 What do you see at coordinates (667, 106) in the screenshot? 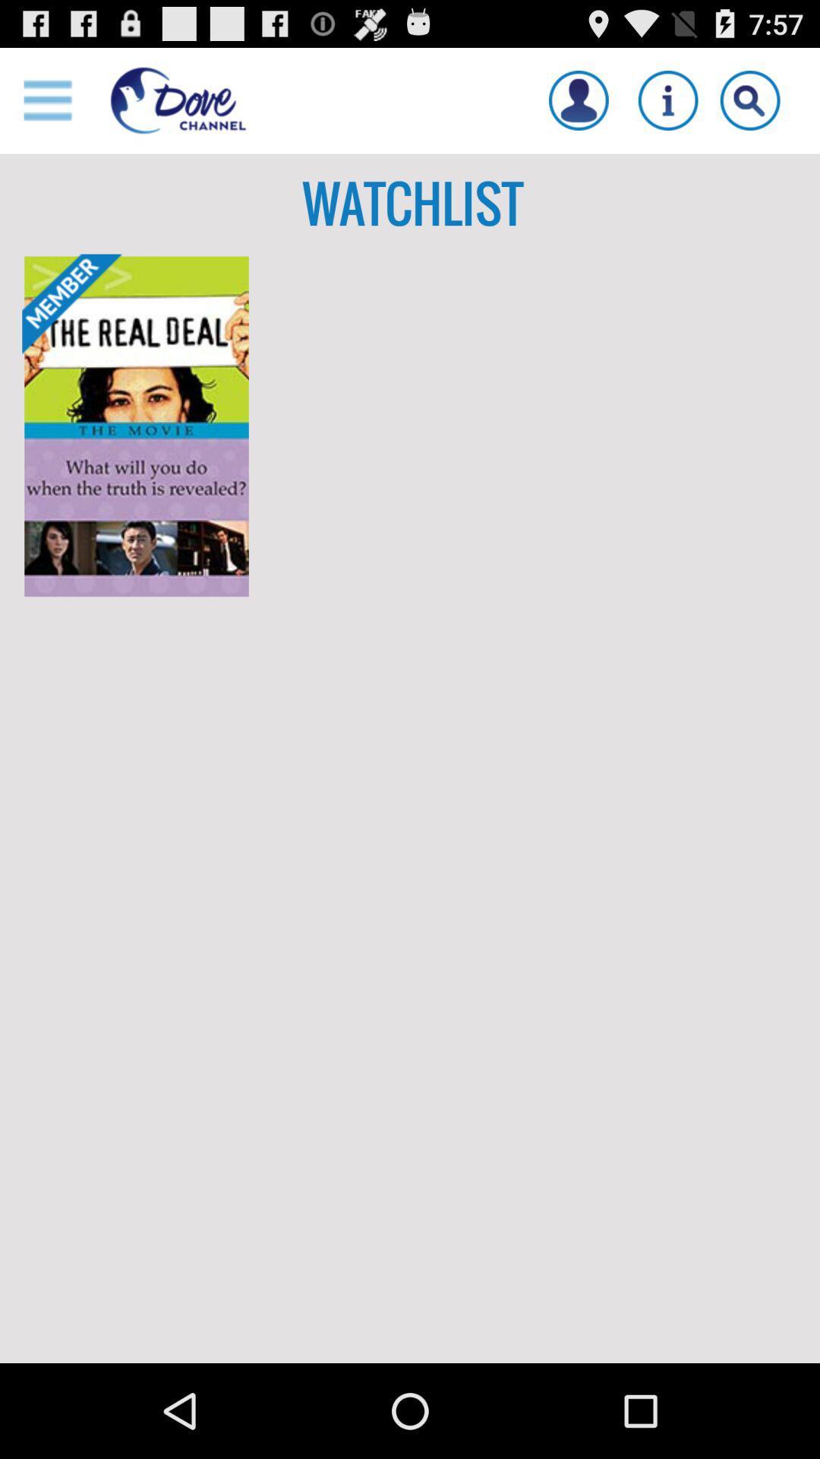
I see `the info icon` at bounding box center [667, 106].